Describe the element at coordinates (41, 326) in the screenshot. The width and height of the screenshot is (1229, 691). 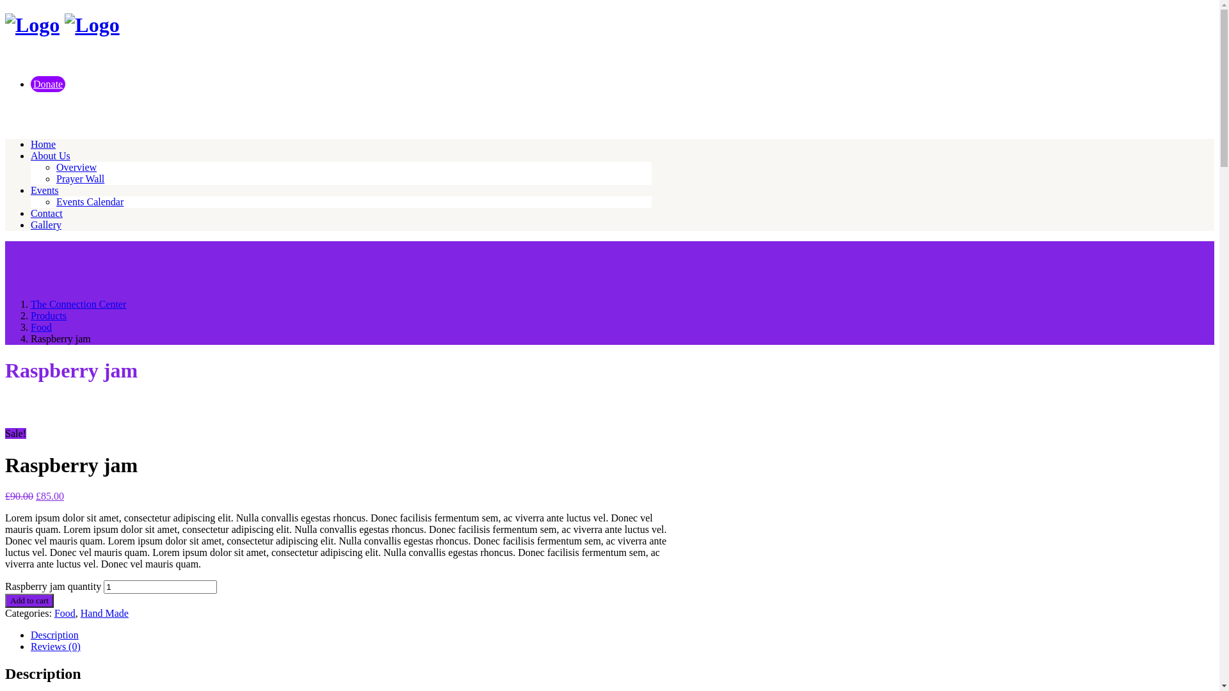
I see `'Food'` at that location.